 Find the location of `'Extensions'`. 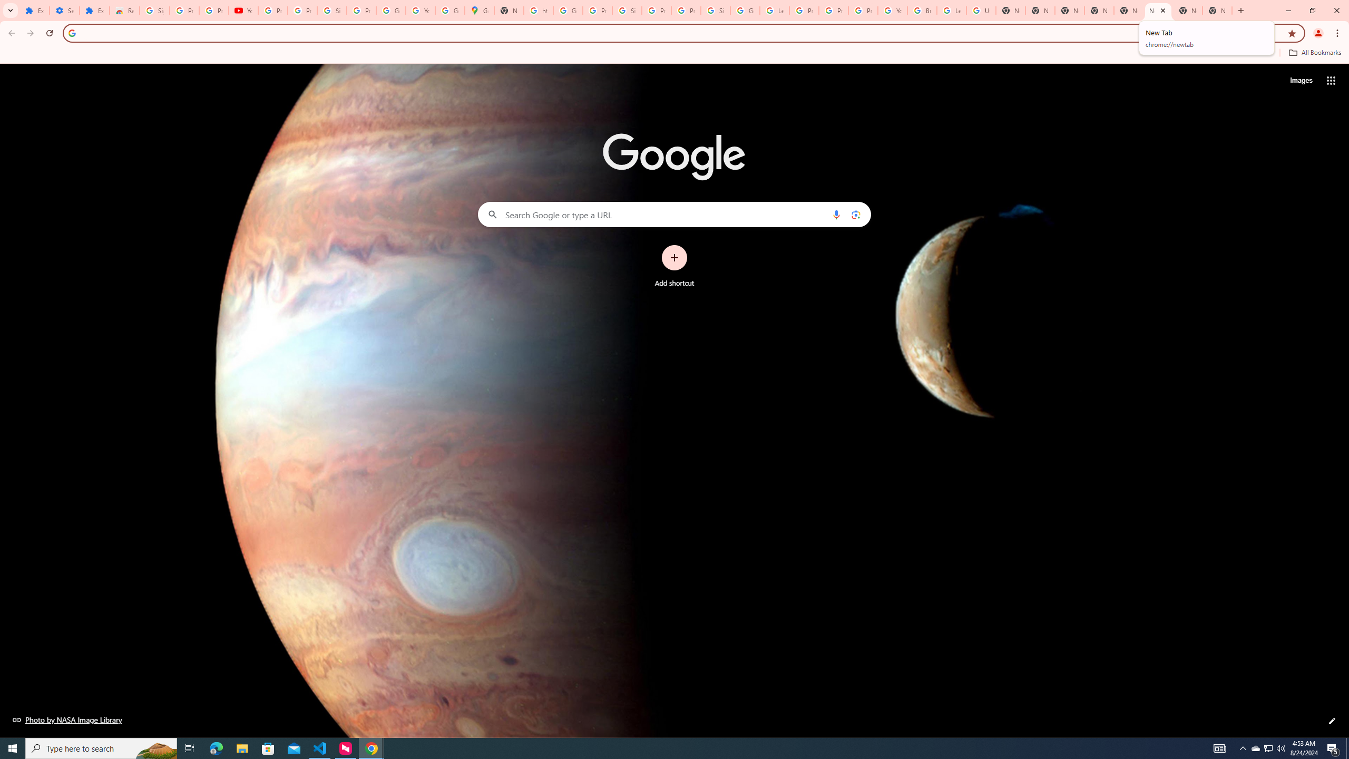

'Extensions' is located at coordinates (34, 10).